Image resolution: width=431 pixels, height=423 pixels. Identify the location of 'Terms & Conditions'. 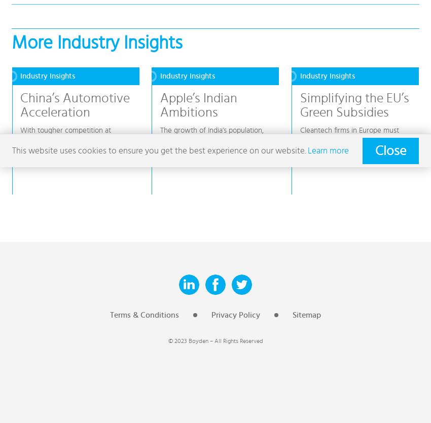
(144, 314).